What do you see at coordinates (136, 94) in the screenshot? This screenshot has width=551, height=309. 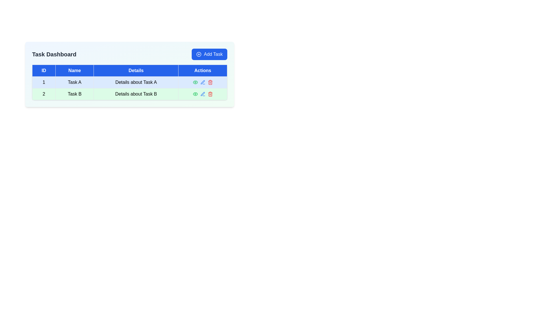 I see `the text box that contains the words 'Details about Task B', located in the third column of the second row under the header labeled 'Details'` at bounding box center [136, 94].